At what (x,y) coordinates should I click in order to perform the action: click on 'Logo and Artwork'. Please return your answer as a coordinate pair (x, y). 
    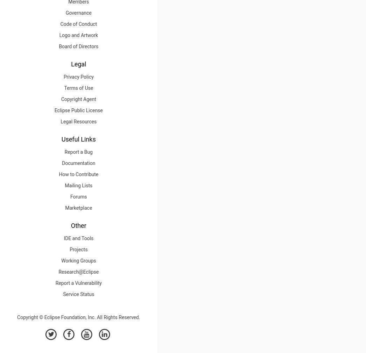
    Looking at the image, I should click on (78, 35).